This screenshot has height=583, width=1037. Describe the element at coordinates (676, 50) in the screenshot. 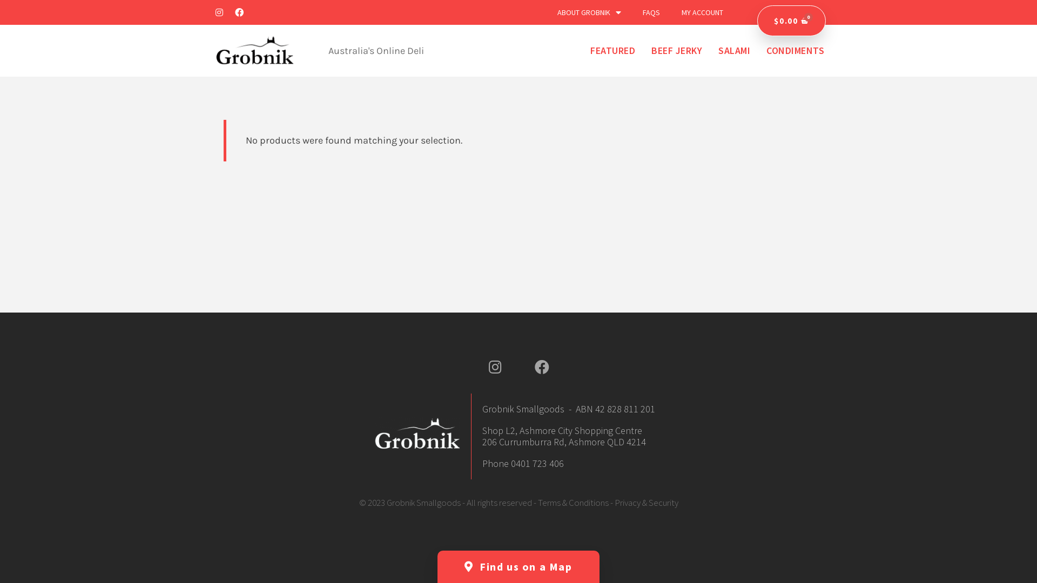

I see `'BEEF JERKY'` at that location.